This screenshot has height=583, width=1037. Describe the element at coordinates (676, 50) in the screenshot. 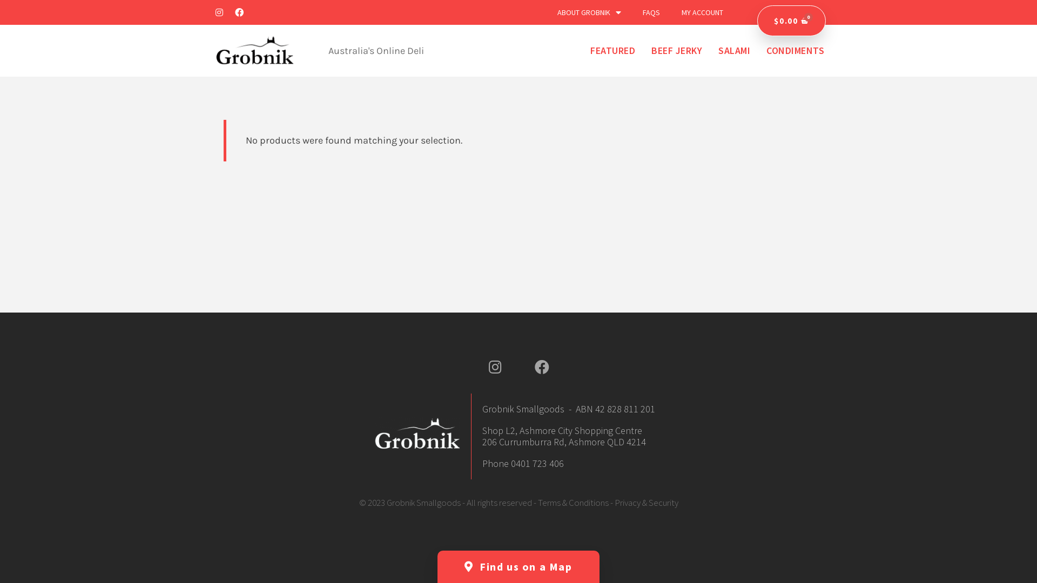

I see `'BEEF JERKY'` at that location.